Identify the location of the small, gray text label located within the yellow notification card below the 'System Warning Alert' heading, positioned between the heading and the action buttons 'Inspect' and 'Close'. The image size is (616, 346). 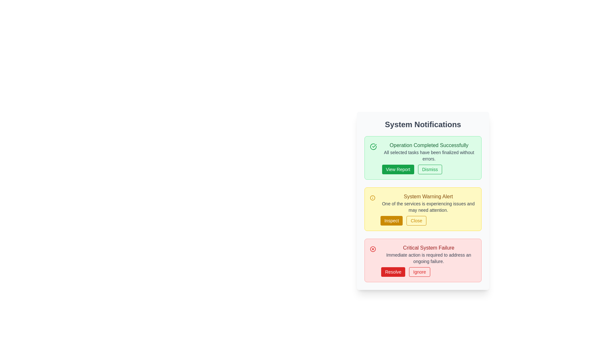
(428, 207).